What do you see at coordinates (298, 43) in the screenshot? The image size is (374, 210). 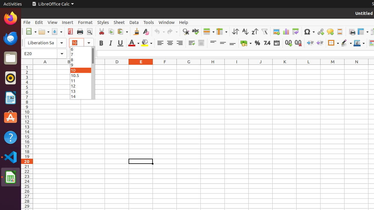 I see `'Delete Decimal Place'` at bounding box center [298, 43].